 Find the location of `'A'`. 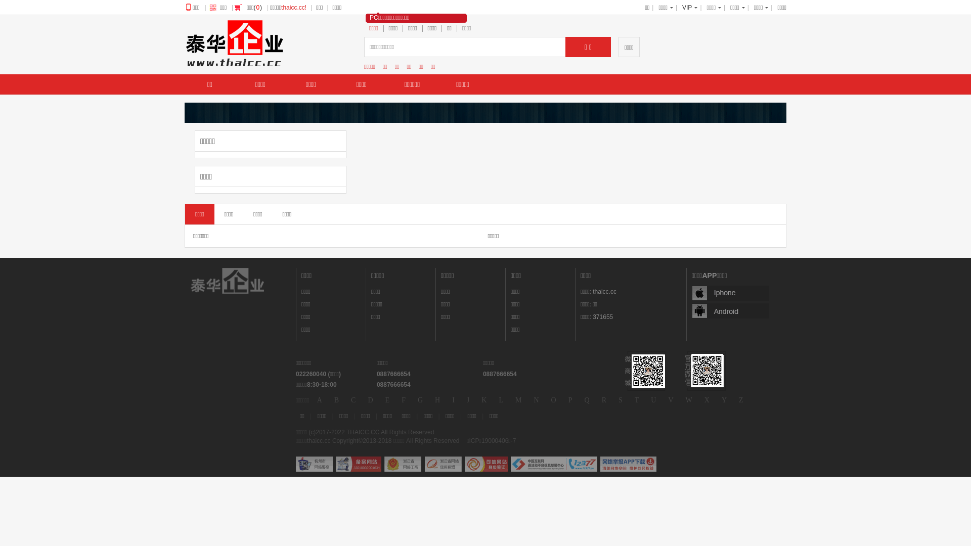

'A' is located at coordinates (319, 399).